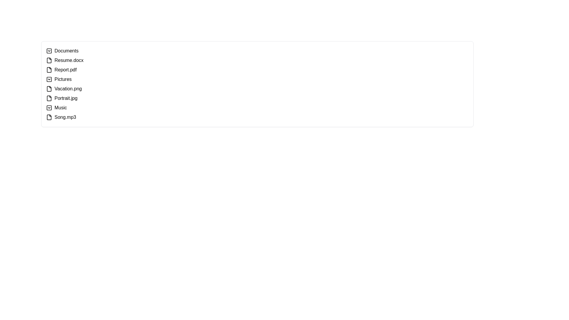 The image size is (569, 320). I want to click on the file icon graphic representation located to the left of the label text 'Portrait.jpg', which features a folded corner at the top right, so click(49, 98).